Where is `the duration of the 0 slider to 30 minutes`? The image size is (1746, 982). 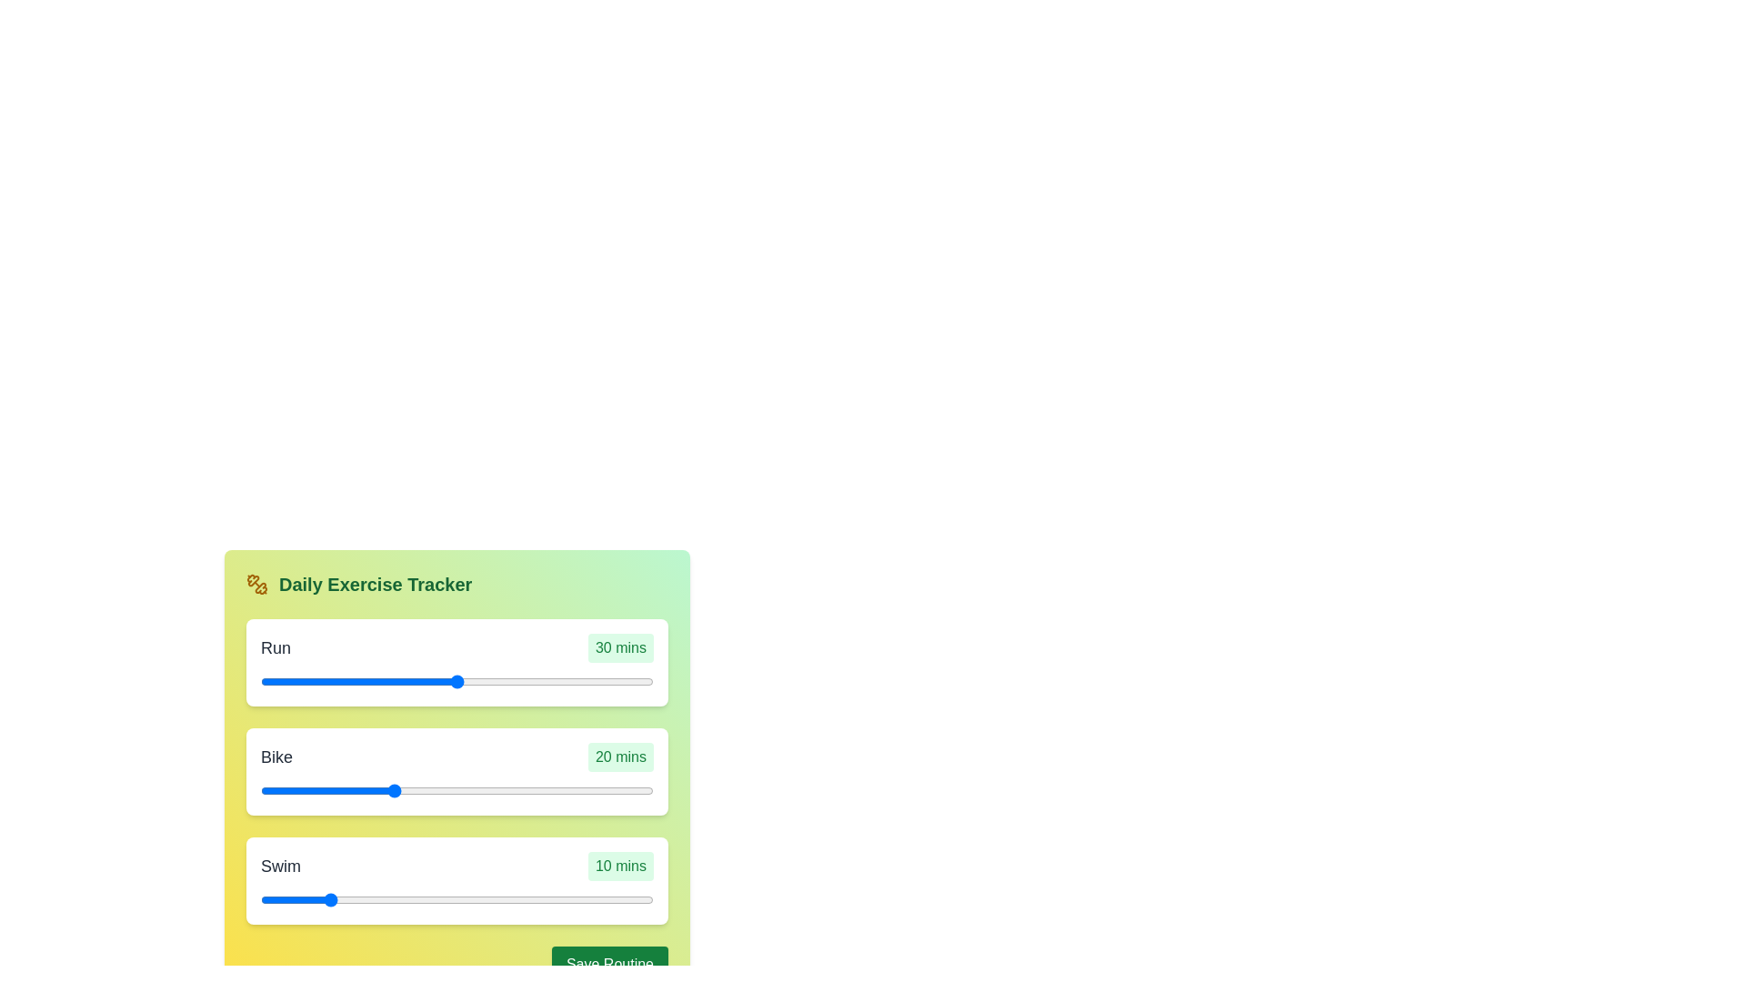
the duration of the 0 slider to 30 minutes is located at coordinates (554, 681).